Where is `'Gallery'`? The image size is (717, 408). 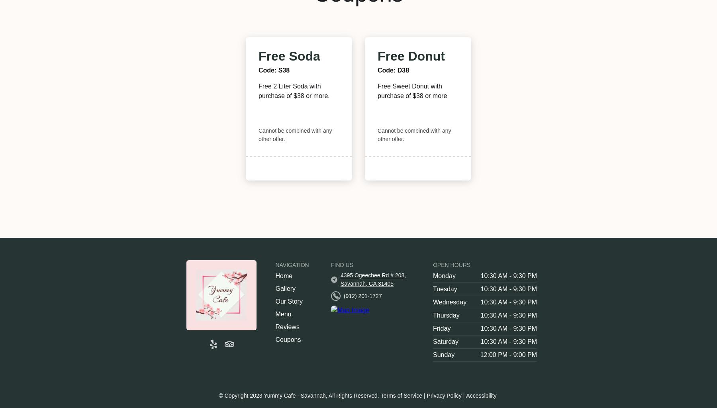
'Gallery' is located at coordinates (285, 288).